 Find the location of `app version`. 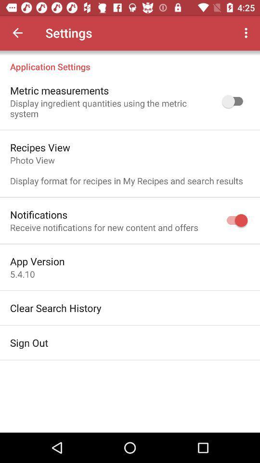

app version is located at coordinates (37, 261).